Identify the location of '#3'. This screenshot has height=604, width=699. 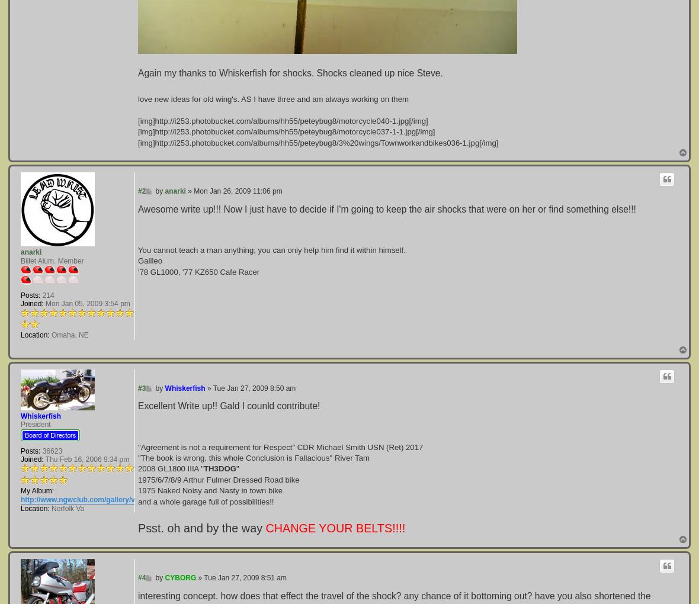
(142, 388).